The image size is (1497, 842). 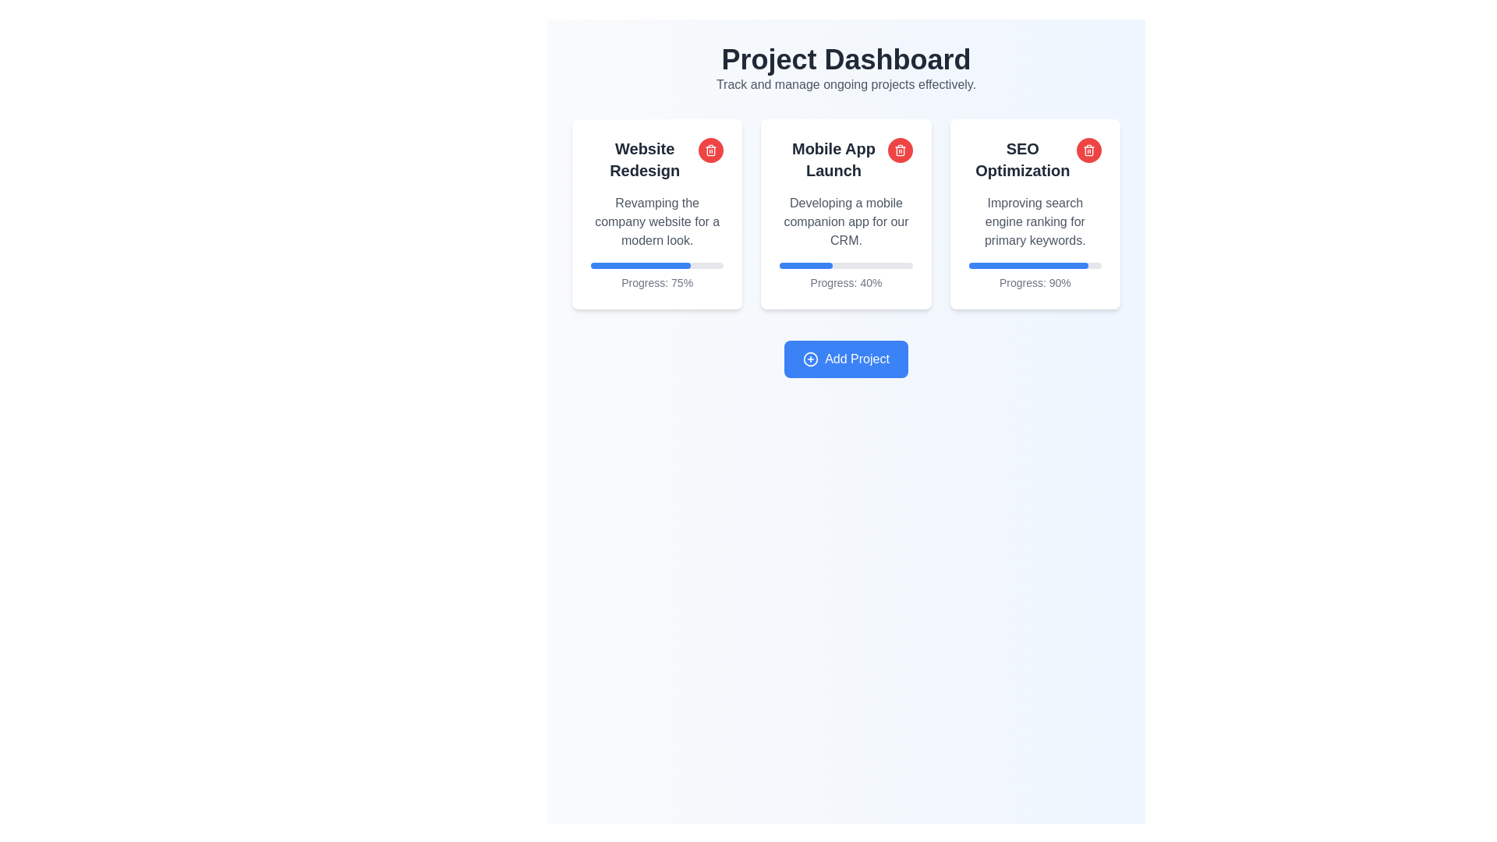 What do you see at coordinates (806, 264) in the screenshot?
I see `the blue progress fill bar that indicates 40% completion, located within the light gray progress bar under the 'Mobile App Launch' card` at bounding box center [806, 264].